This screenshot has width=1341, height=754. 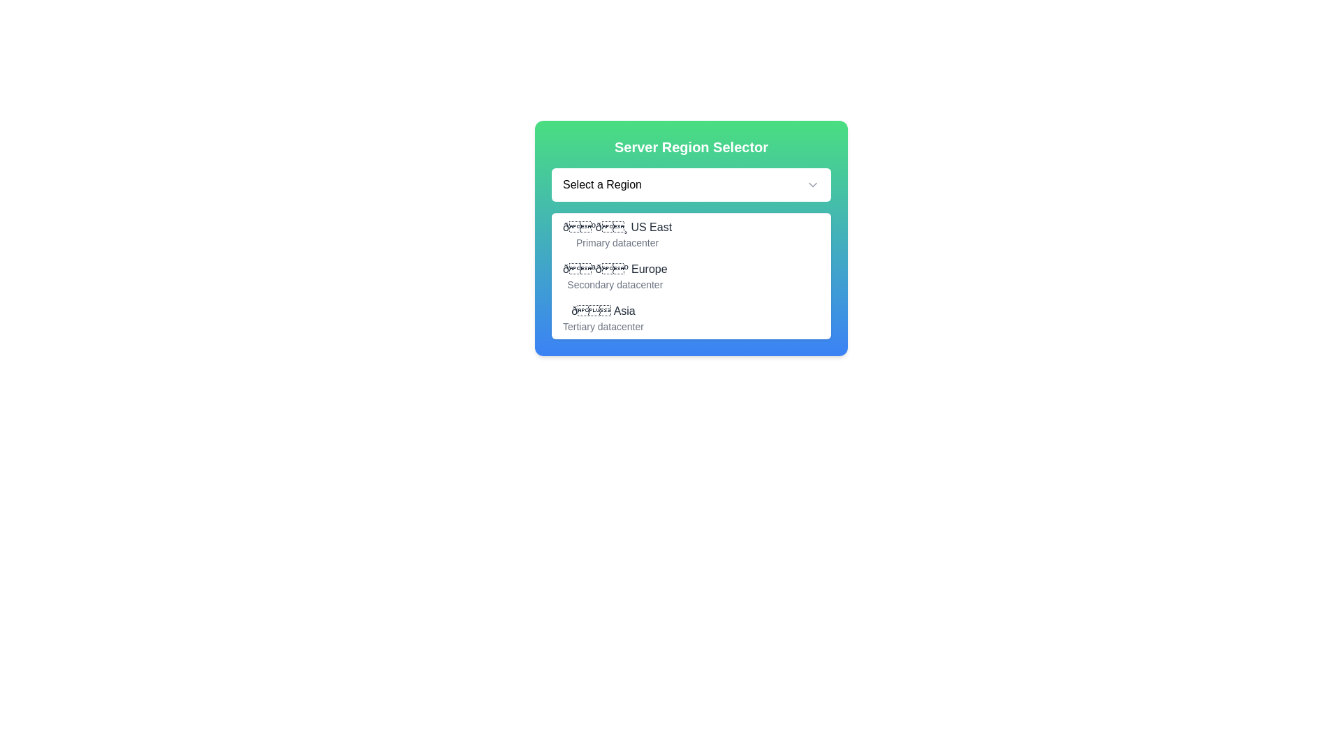 I want to click on the 'US East' server region option in the dropdown list, so click(x=691, y=233).